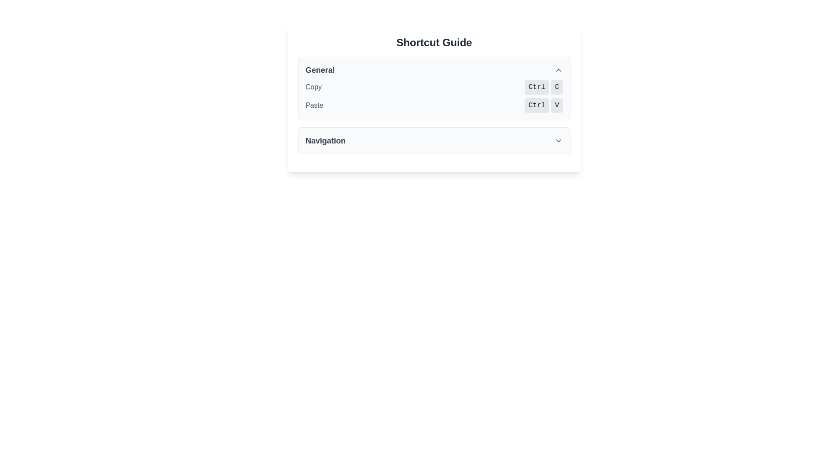 This screenshot has width=838, height=471. I want to click on the 'Ctrl' button in the 'Paste' row of the 'Shortcut Guide' interface, which is the first button in the pair to the left of the 'V' button, so click(536, 105).